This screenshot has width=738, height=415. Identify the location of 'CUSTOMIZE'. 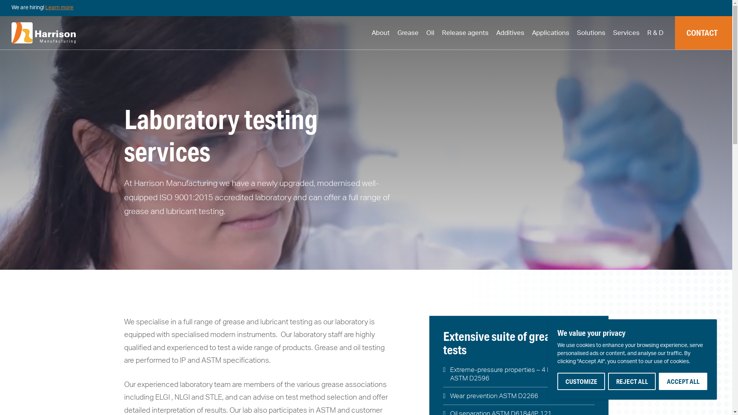
(557, 381).